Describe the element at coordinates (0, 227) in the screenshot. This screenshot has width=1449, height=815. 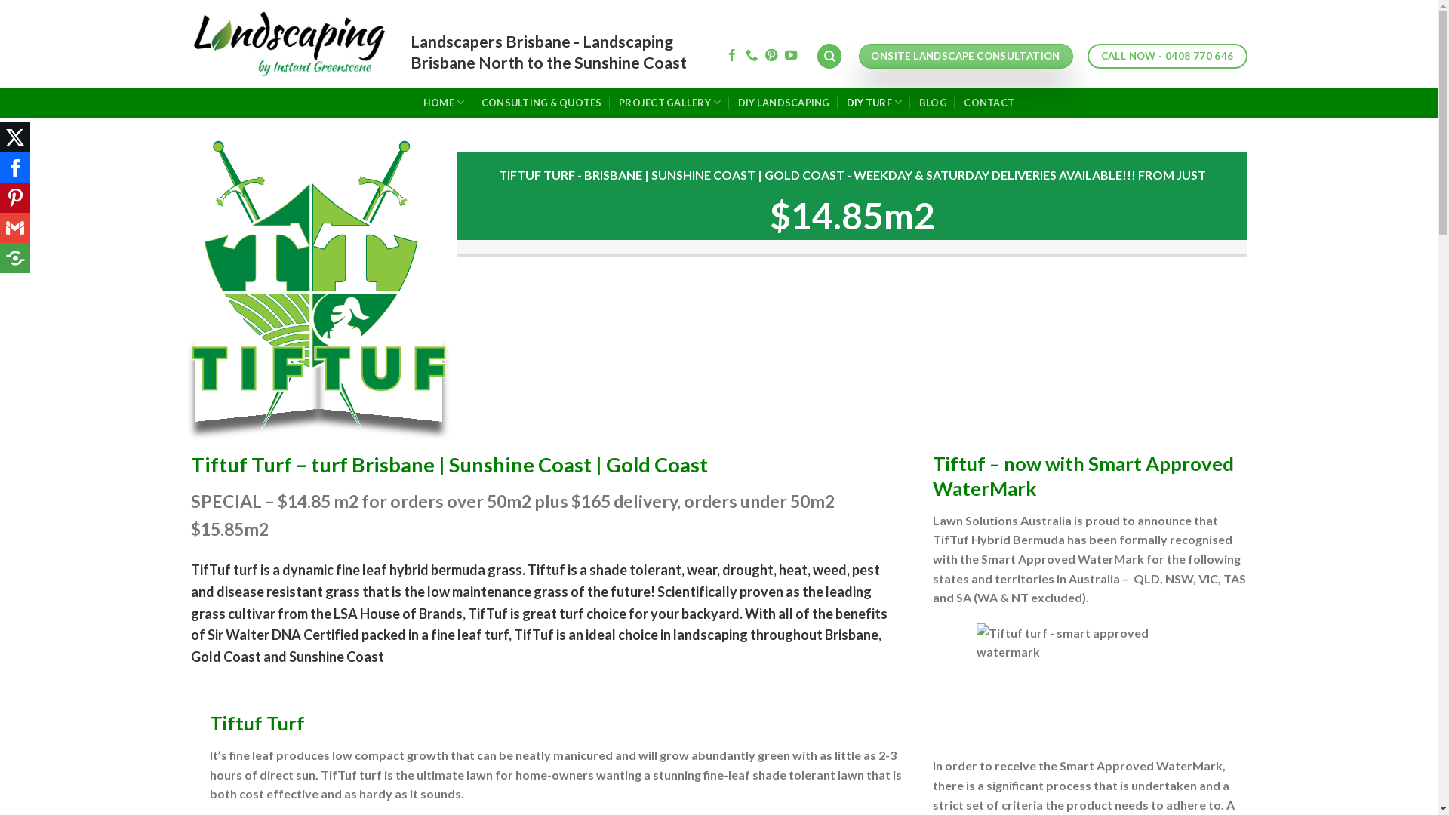
I see `'Google Gmail'` at that location.